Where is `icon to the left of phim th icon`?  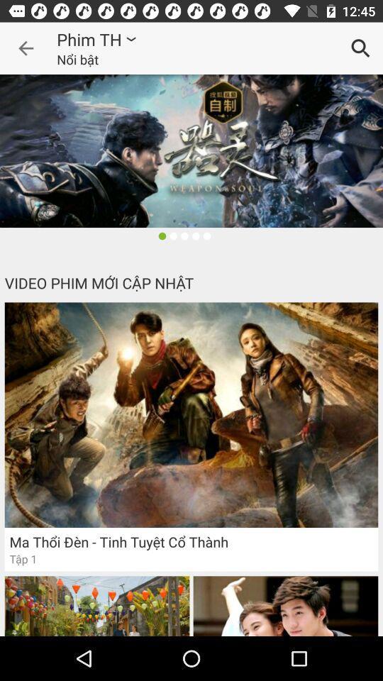 icon to the left of phim th icon is located at coordinates (26, 48).